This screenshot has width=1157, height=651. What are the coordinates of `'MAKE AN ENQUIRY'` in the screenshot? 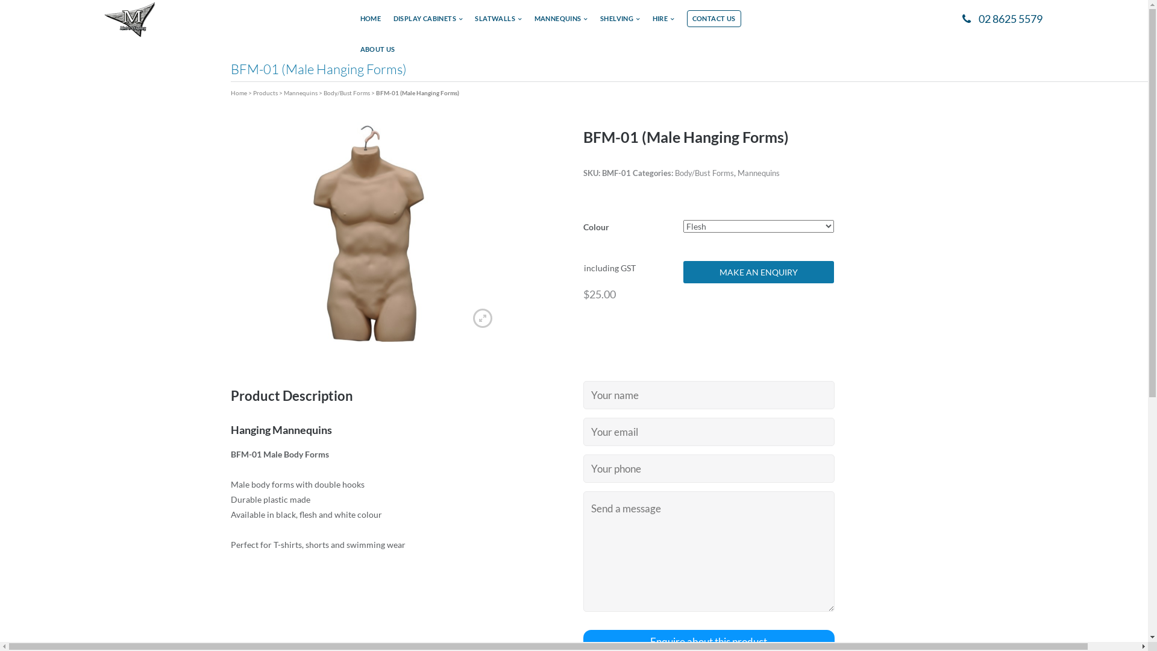 It's located at (757, 272).